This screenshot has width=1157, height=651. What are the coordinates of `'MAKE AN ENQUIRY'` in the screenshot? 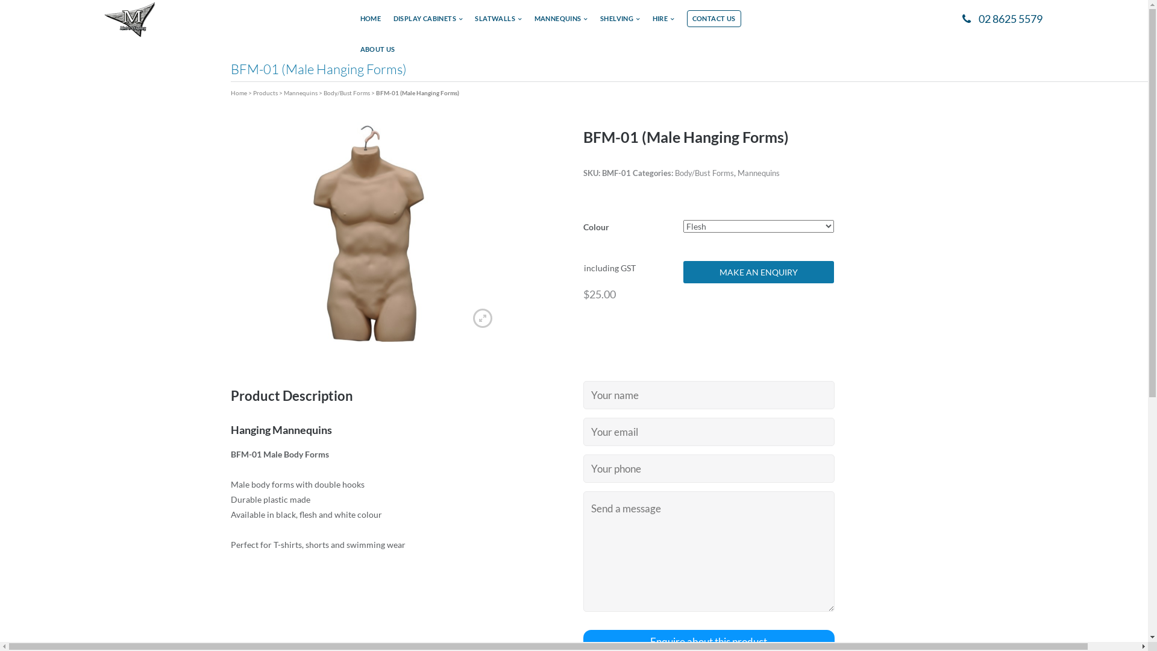 It's located at (757, 272).